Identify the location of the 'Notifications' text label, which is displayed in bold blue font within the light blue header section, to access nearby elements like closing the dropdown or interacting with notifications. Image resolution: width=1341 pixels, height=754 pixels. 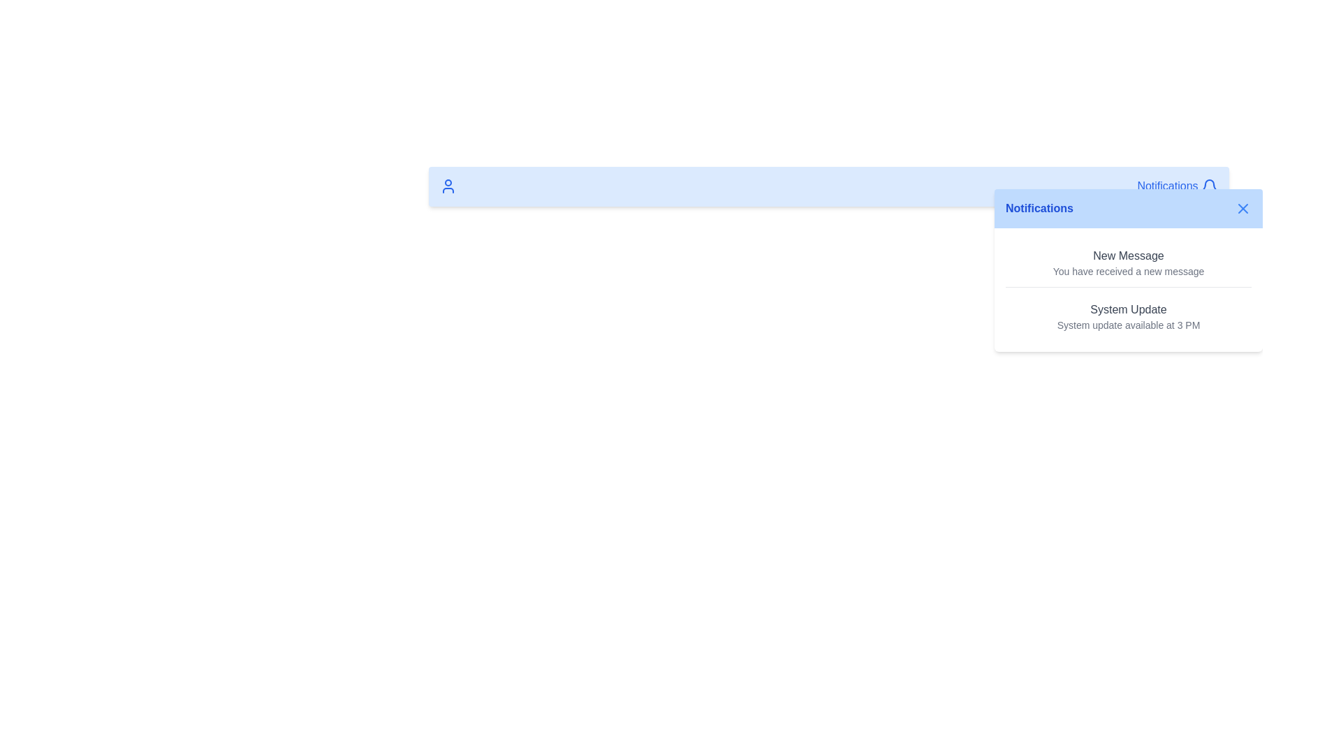
(1039, 209).